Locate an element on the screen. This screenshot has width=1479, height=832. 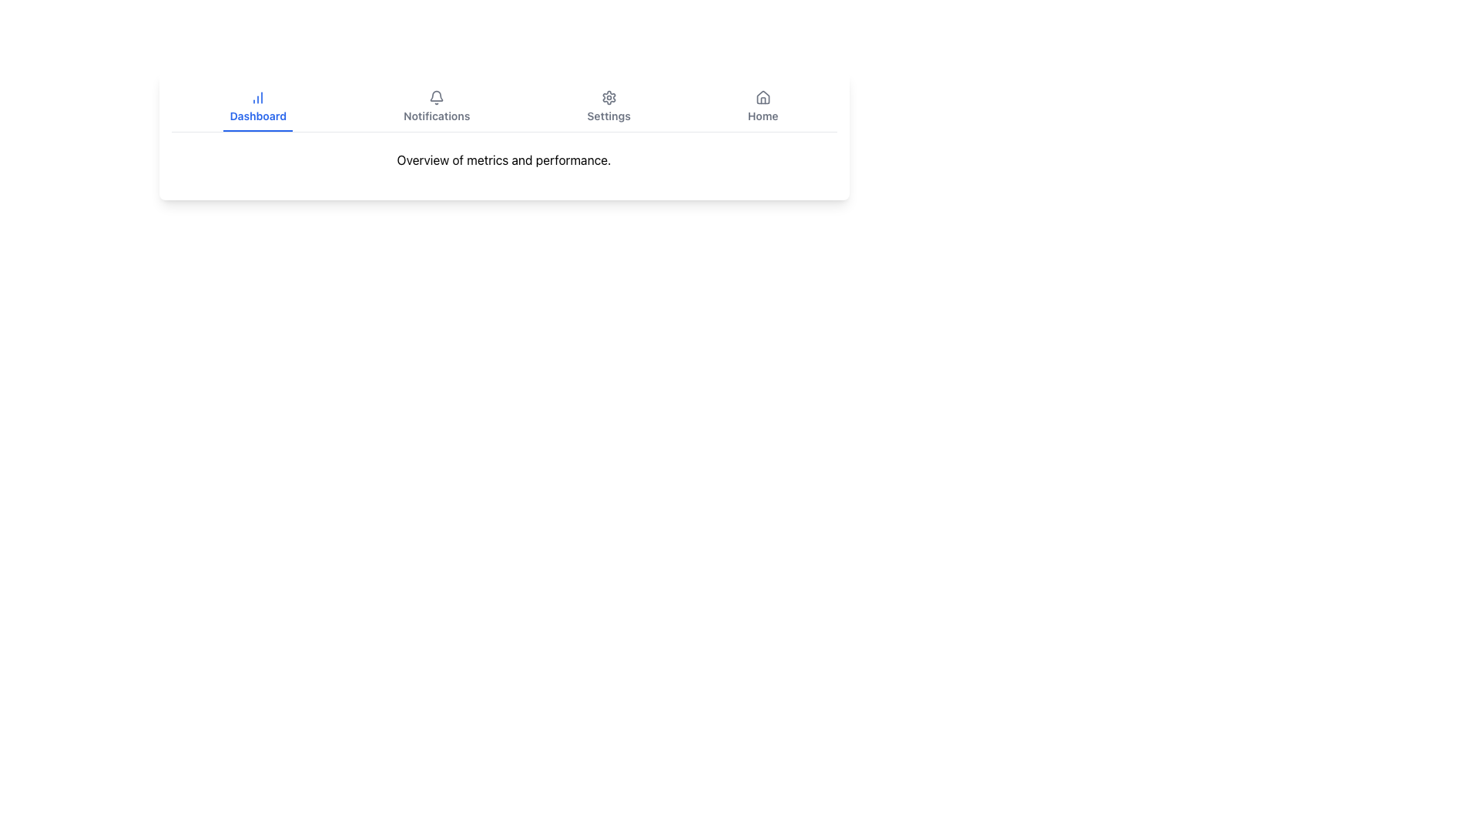
the settings icon located in the navigation bar, which is positioned centrally under the 'Settings' label and is flanked by 'Notifications' and 'Home' is located at coordinates (608, 98).